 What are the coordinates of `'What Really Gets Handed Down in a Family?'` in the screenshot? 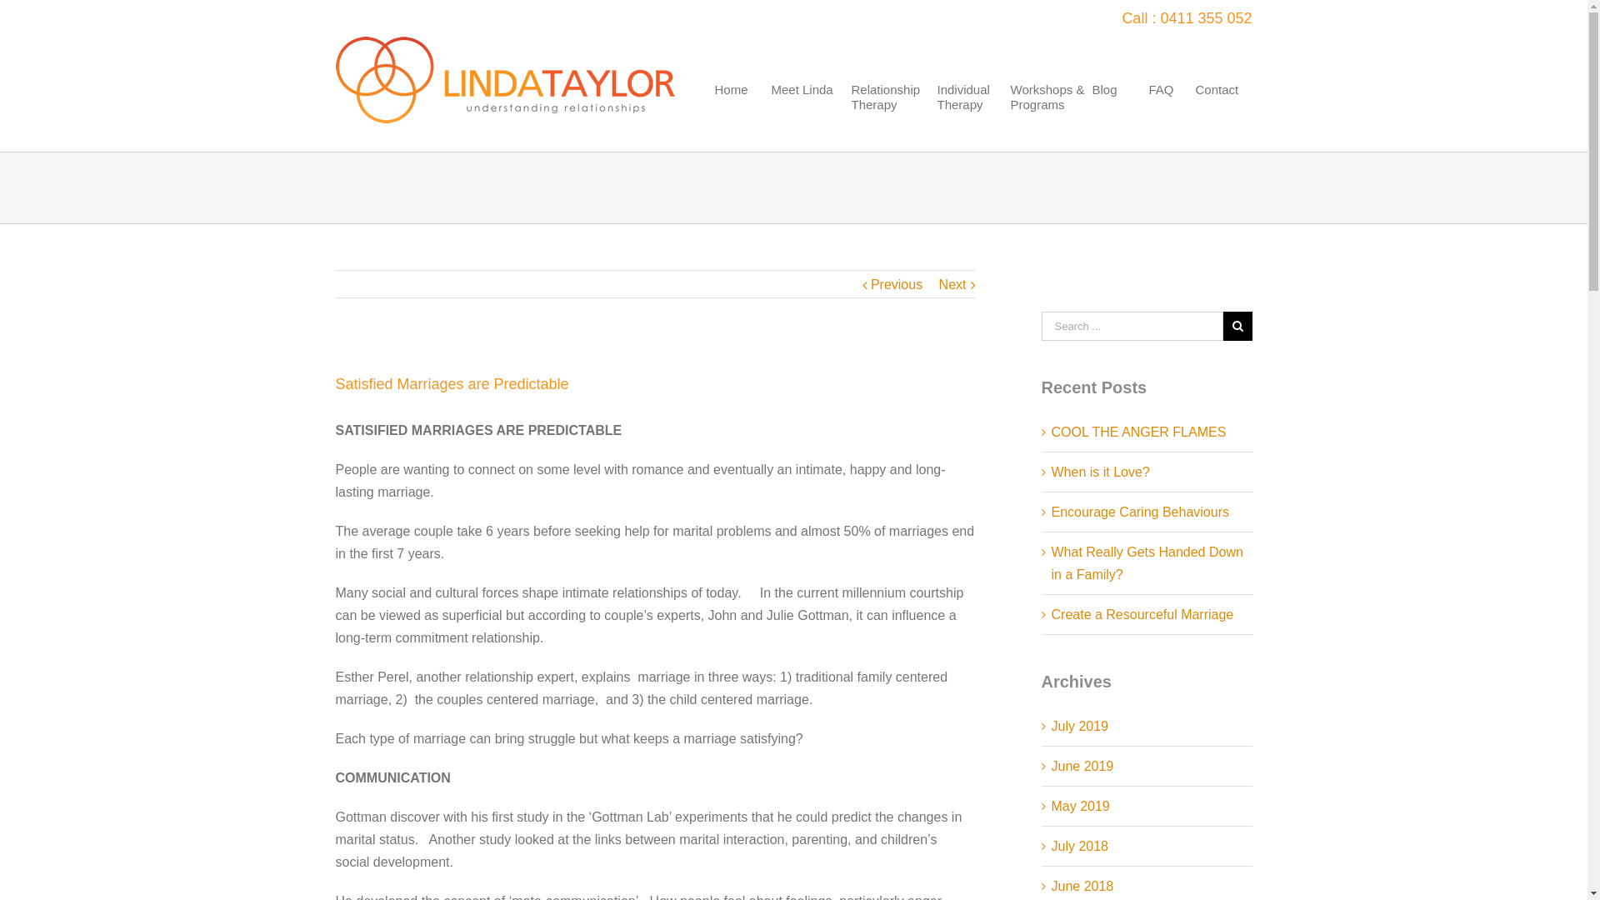 It's located at (1147, 562).